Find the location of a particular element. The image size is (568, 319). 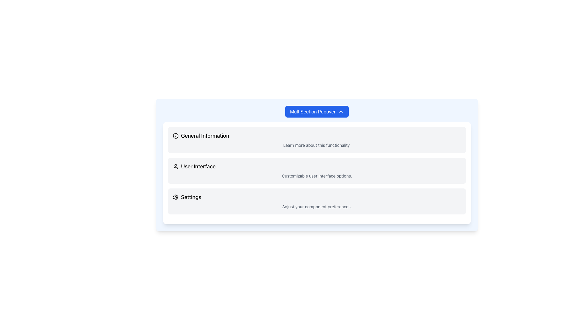

the text description 'Learn more about this functionality.' located at the bottom-right corner of the 'General Information' section is located at coordinates (317, 145).